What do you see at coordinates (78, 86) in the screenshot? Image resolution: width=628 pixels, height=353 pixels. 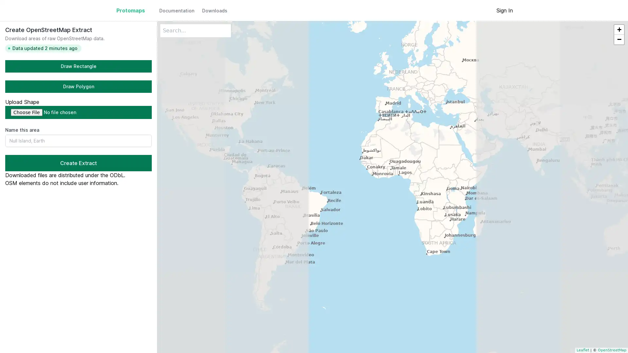 I see `Draw Polygon` at bounding box center [78, 86].